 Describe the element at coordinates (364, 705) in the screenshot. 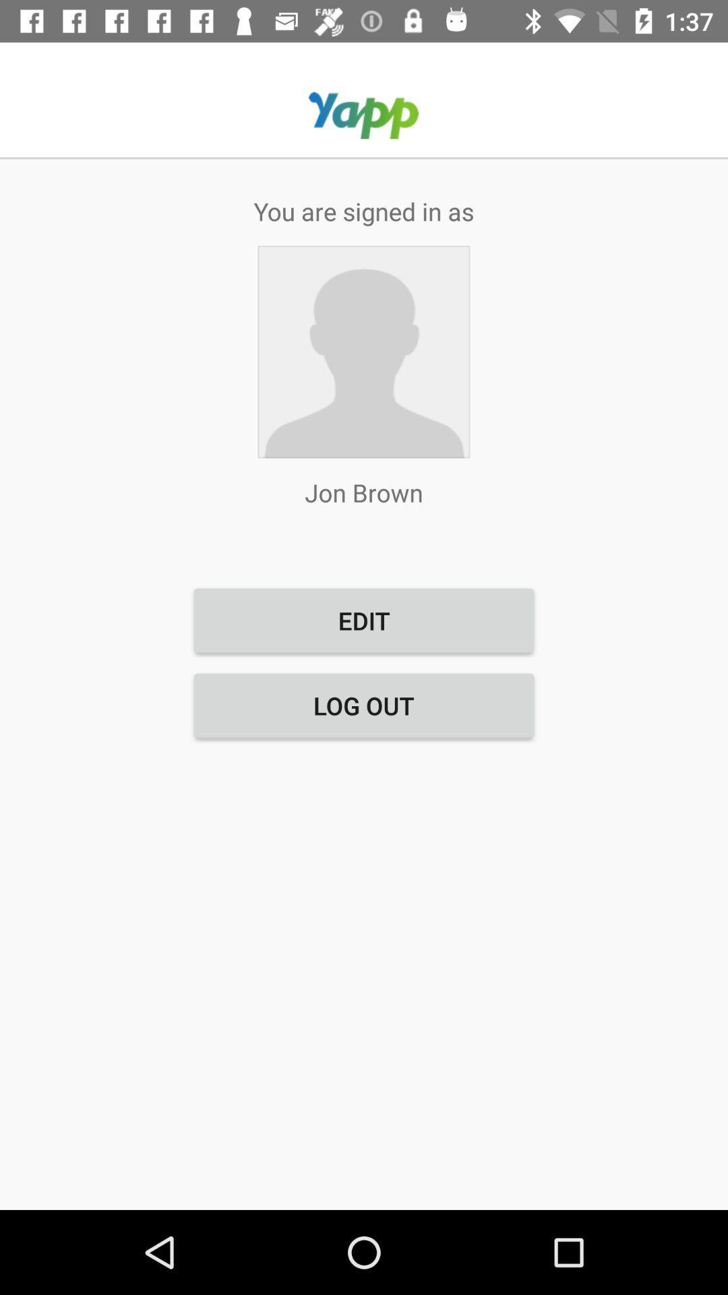

I see `log out icon` at that location.